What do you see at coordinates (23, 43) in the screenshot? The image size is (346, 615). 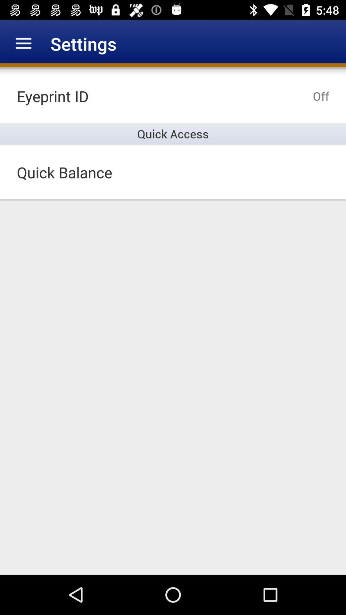 I see `the icon next to settings icon` at bounding box center [23, 43].